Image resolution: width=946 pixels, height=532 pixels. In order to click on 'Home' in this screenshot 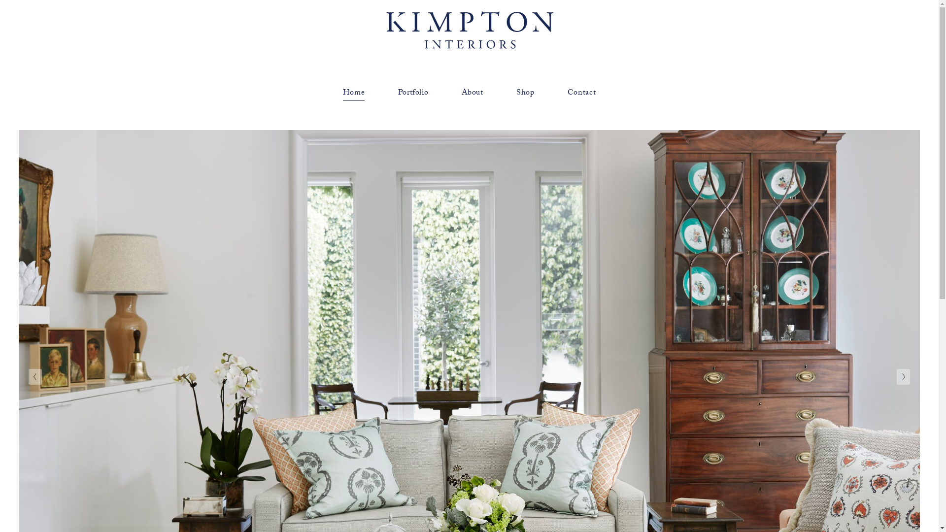, I will do `click(354, 93)`.